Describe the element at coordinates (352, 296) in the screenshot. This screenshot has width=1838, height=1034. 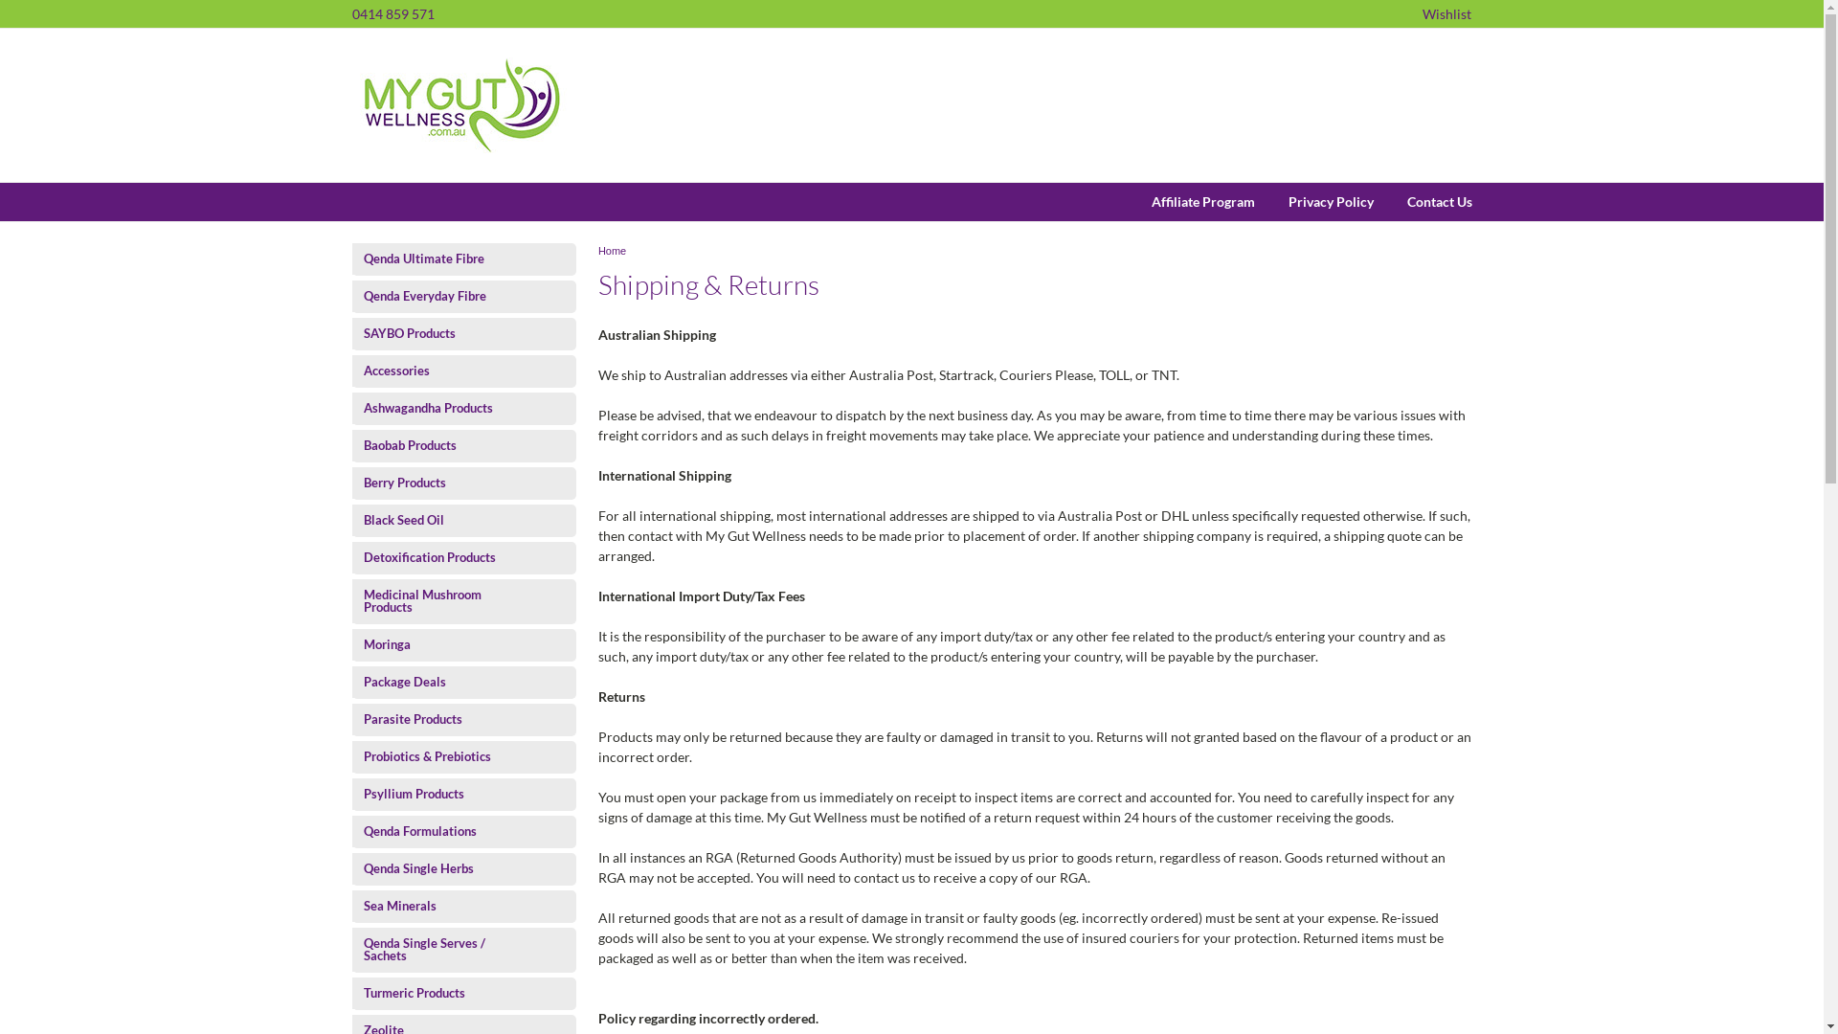
I see `'Qenda Everyday Fibre'` at that location.